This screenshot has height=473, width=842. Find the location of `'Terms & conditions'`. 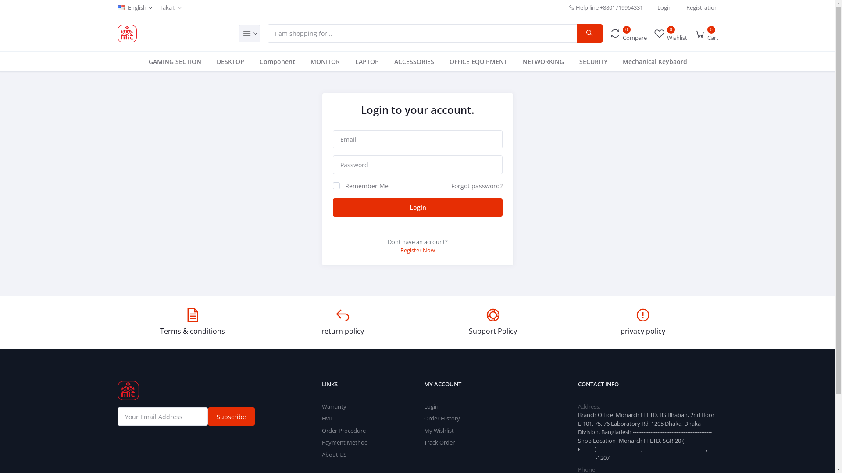

'Terms & conditions' is located at coordinates (192, 322).